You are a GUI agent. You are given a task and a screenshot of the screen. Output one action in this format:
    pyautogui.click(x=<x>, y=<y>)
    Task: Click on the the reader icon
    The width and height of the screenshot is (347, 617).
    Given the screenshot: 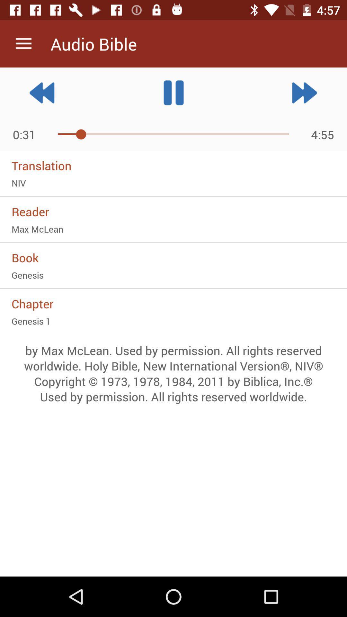 What is the action you would take?
    pyautogui.click(x=173, y=211)
    